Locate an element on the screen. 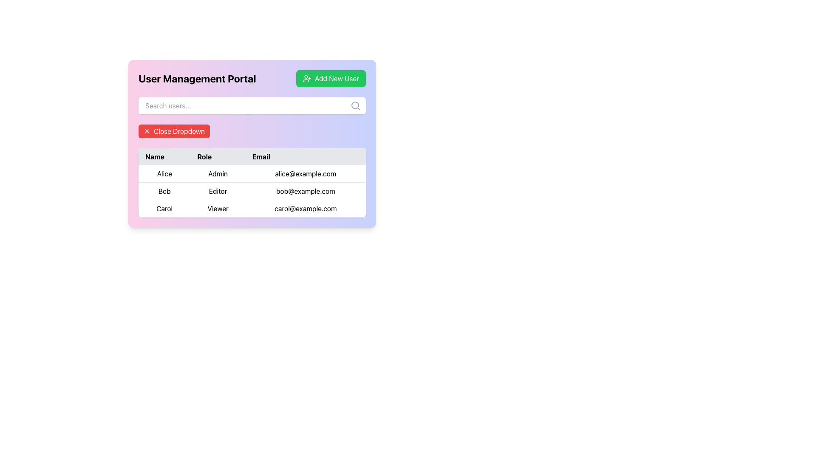  the 'Add New User' button, which has a green background and white text is located at coordinates (330, 79).